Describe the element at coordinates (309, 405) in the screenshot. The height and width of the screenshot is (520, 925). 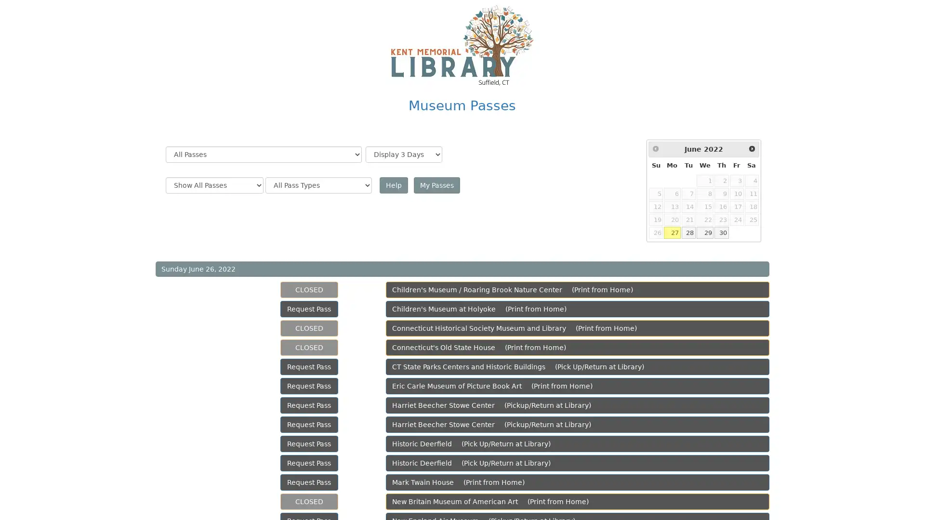
I see `Request Pass` at that location.